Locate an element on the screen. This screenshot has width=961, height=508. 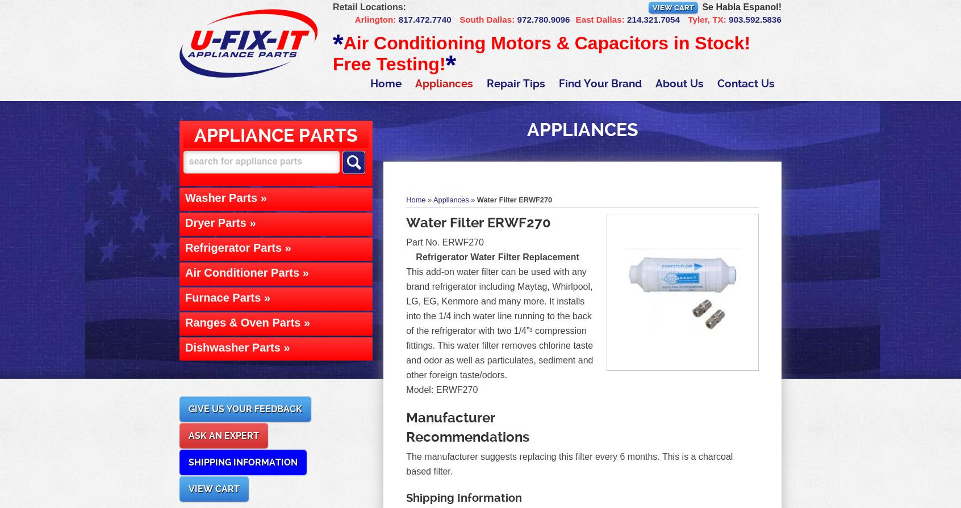
'Refrigerator Water Filter Replacement' is located at coordinates (496, 256).